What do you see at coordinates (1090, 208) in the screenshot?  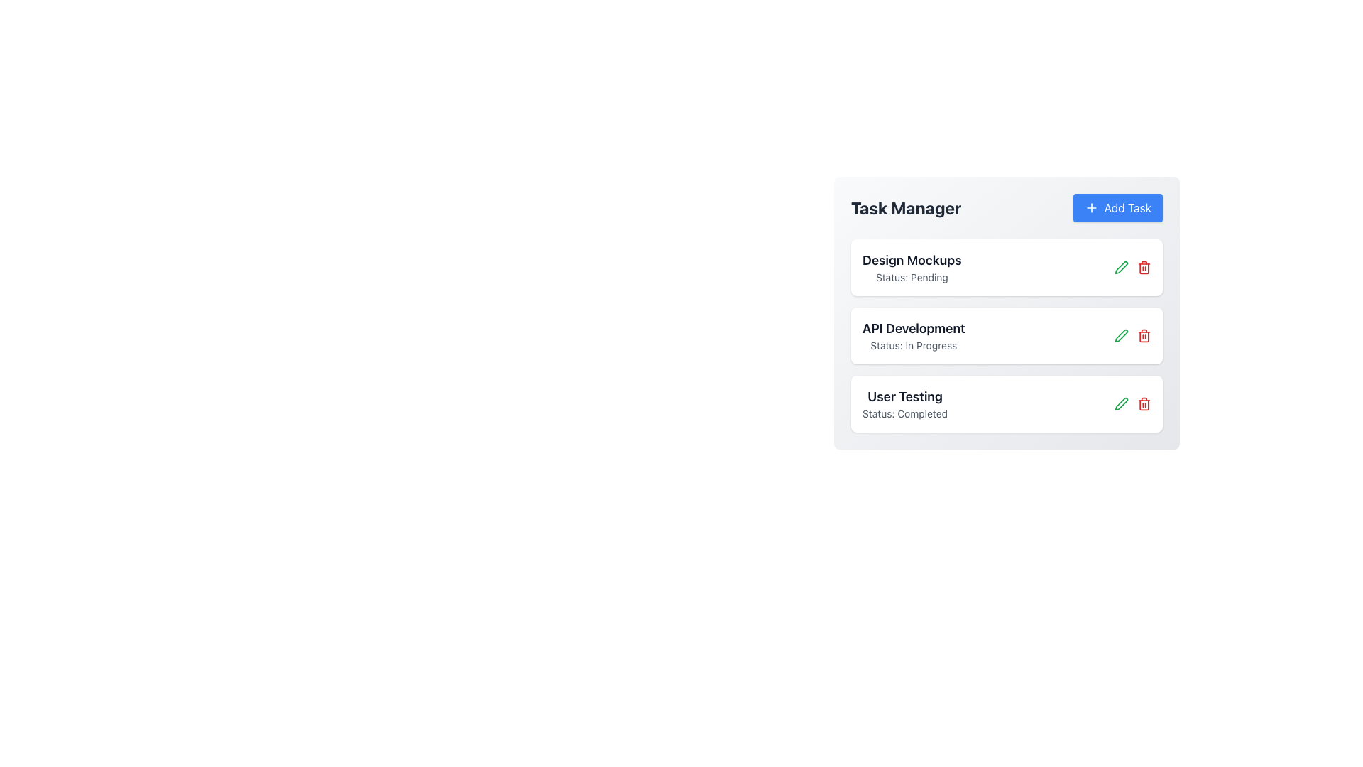 I see `the 'plus' icon of the 'Add Task' button located in the top-right corner of the Task Manager interface` at bounding box center [1090, 208].